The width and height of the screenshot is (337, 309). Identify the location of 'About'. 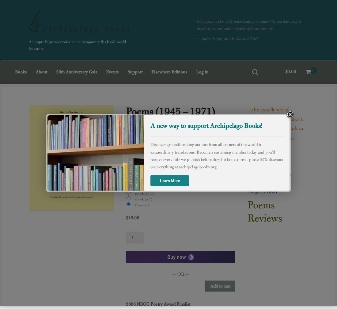
(41, 72).